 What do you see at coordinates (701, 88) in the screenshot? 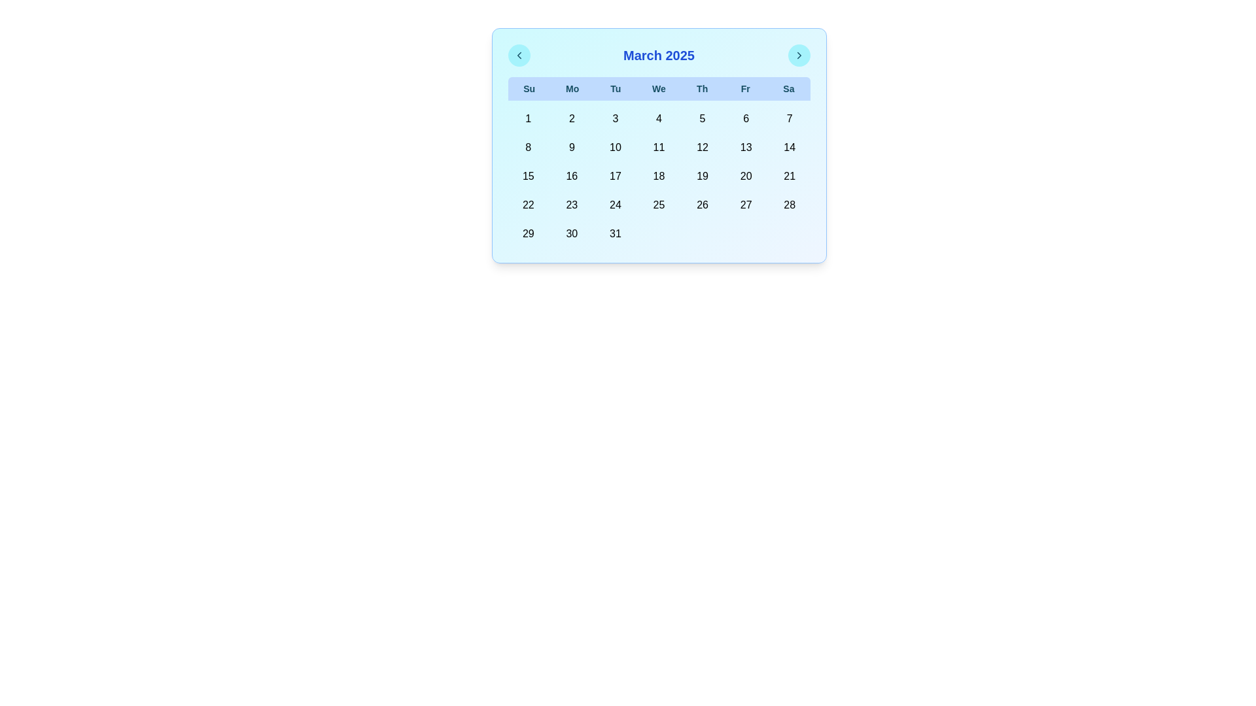
I see `the text label displaying 'Th' (Thursday) in a calendar interface, which is styled with cyan color and bold font, located in the fifth cell of the week grid under the header 'March 2025'` at bounding box center [701, 88].